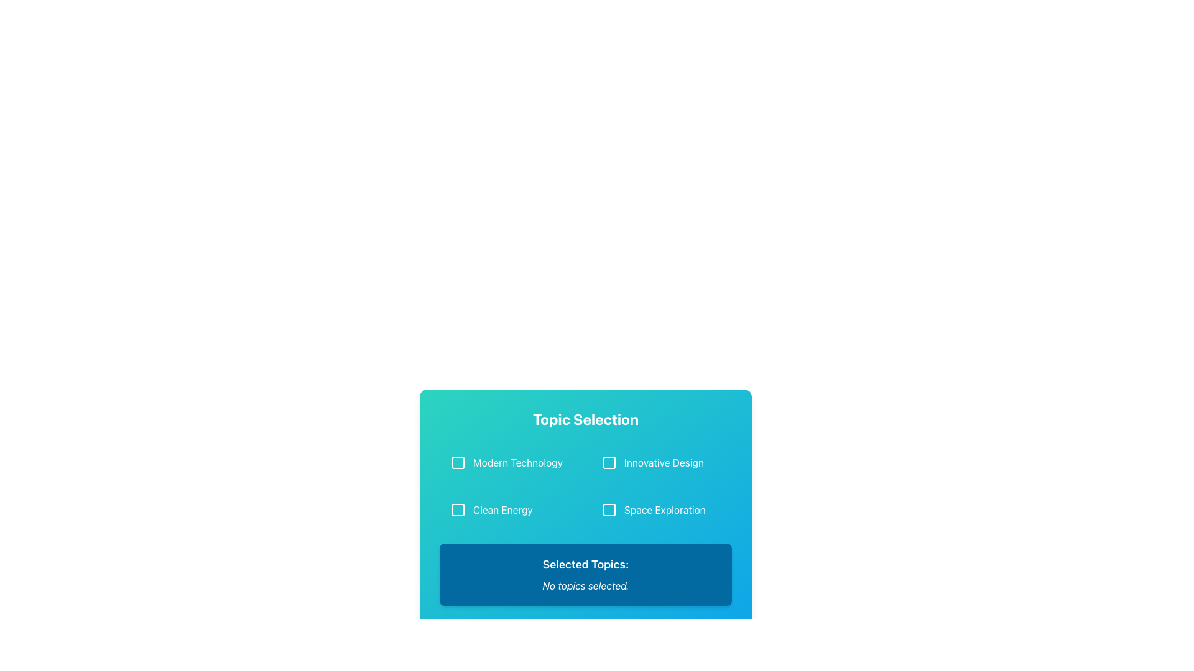  What do you see at coordinates (609, 510) in the screenshot?
I see `the checkbox for 'Space Exploration' located in the bottom-right quadrant of the Topic Selection card` at bounding box center [609, 510].